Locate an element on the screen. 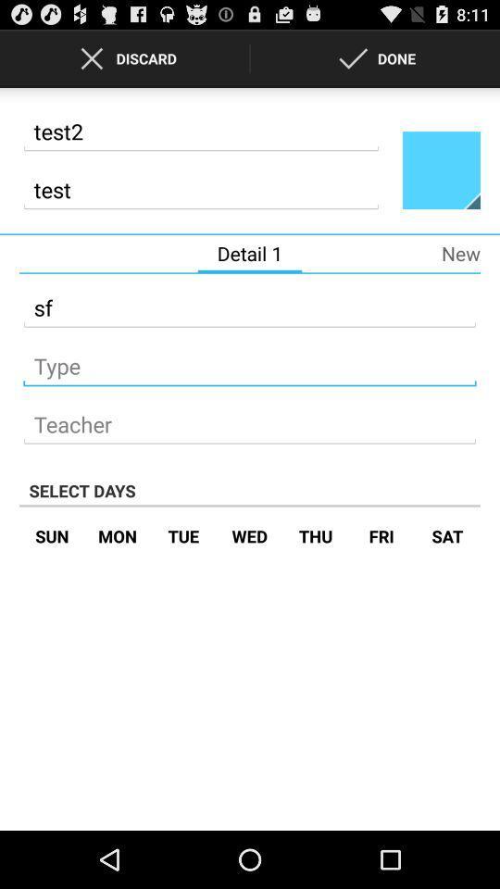 The image size is (500, 889). what type is located at coordinates (250, 359).